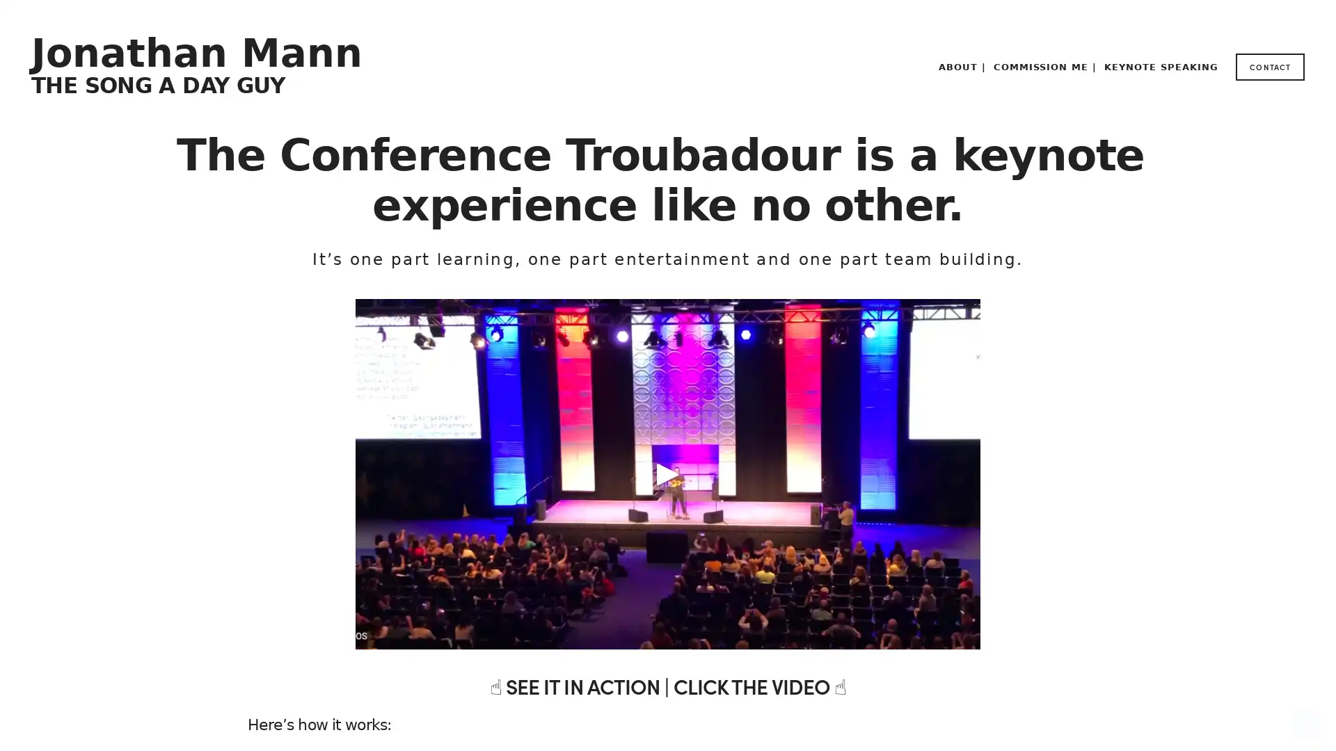 The height and width of the screenshot is (751, 1336). What do you see at coordinates (668, 474) in the screenshot?
I see `Play` at bounding box center [668, 474].